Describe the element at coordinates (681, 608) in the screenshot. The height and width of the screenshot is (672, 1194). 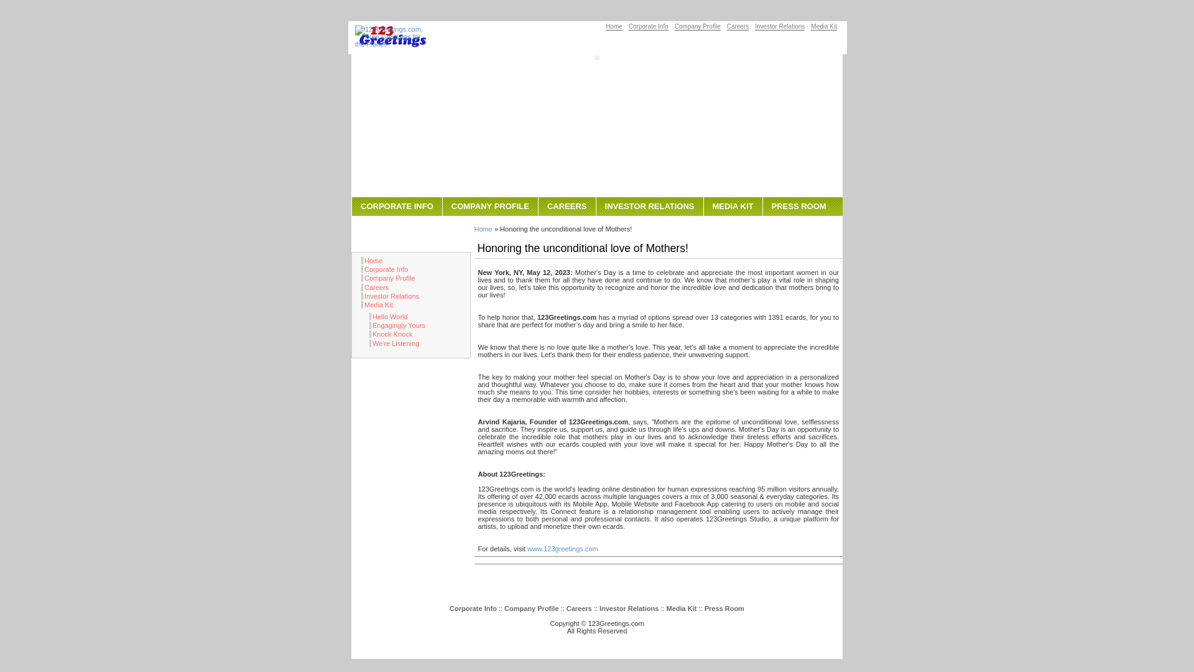
I see `'Media Kit'` at that location.